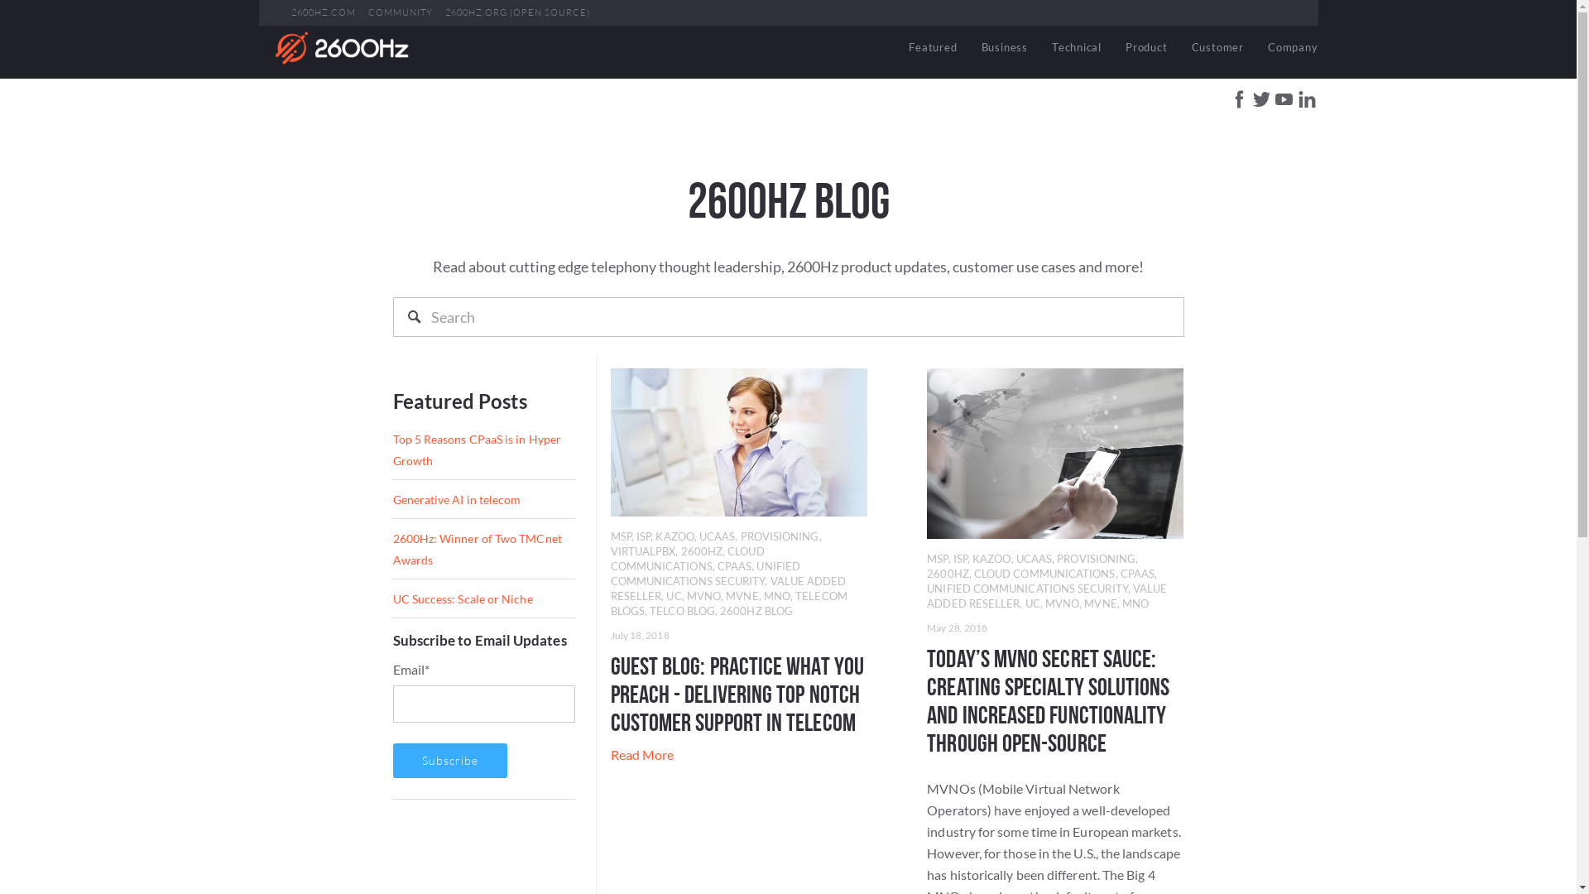 The image size is (1589, 894). What do you see at coordinates (475, 449) in the screenshot?
I see `'Top 5 Reasons CPaaS is in Hyper Growth'` at bounding box center [475, 449].